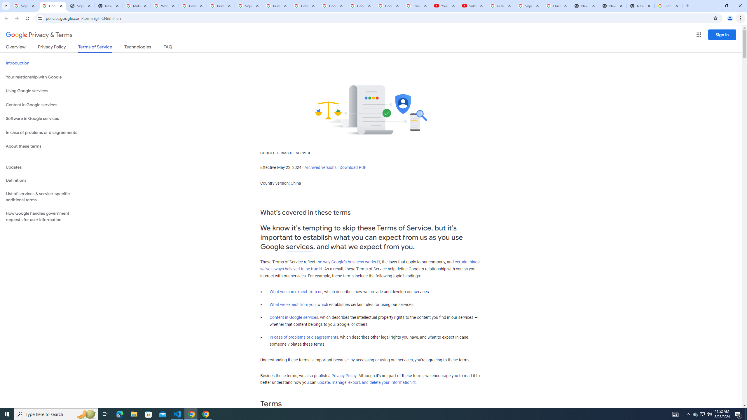 This screenshot has height=420, width=747. I want to click on 'Privacy Policy', so click(343, 375).